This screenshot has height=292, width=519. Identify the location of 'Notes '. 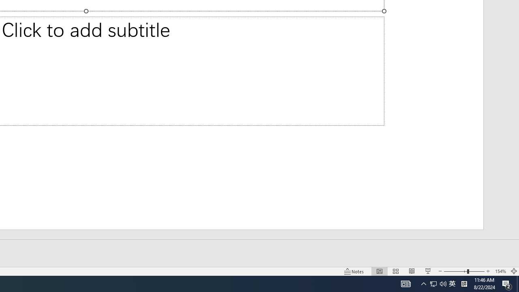
(354, 271).